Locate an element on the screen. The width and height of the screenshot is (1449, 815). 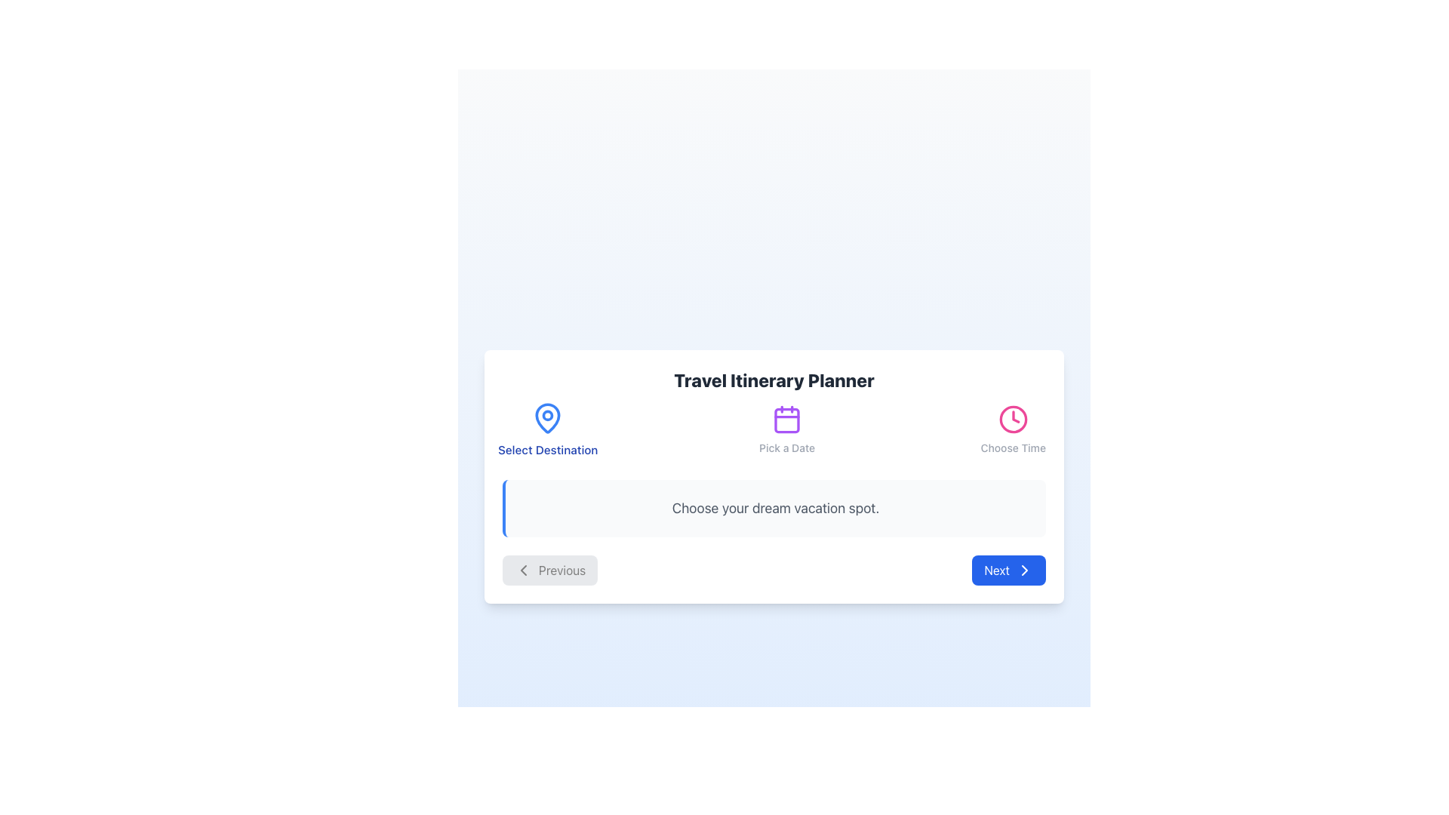
the decorative calendar icon located in the header section under 'Travel Itinerary Planner' and above 'Pick a Date' is located at coordinates (786, 419).